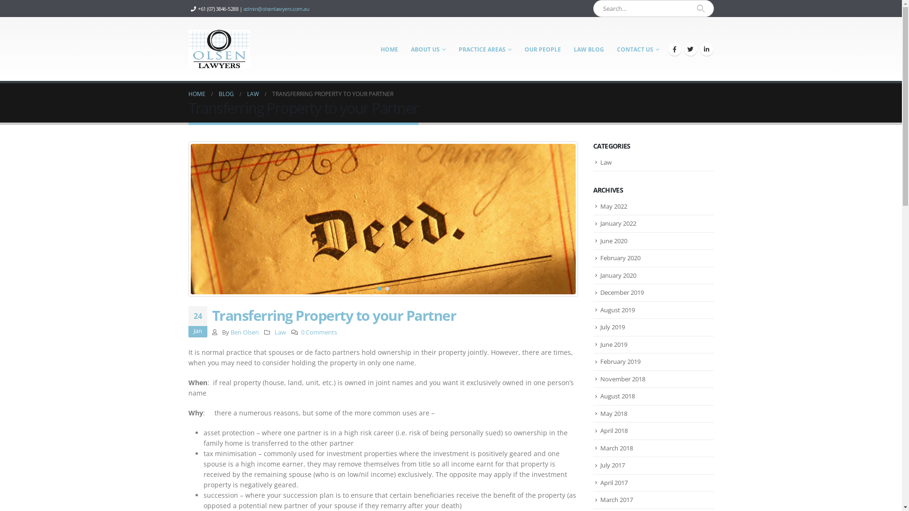 The width and height of the screenshot is (909, 511). Describe the element at coordinates (616, 448) in the screenshot. I see `'March 2018'` at that location.